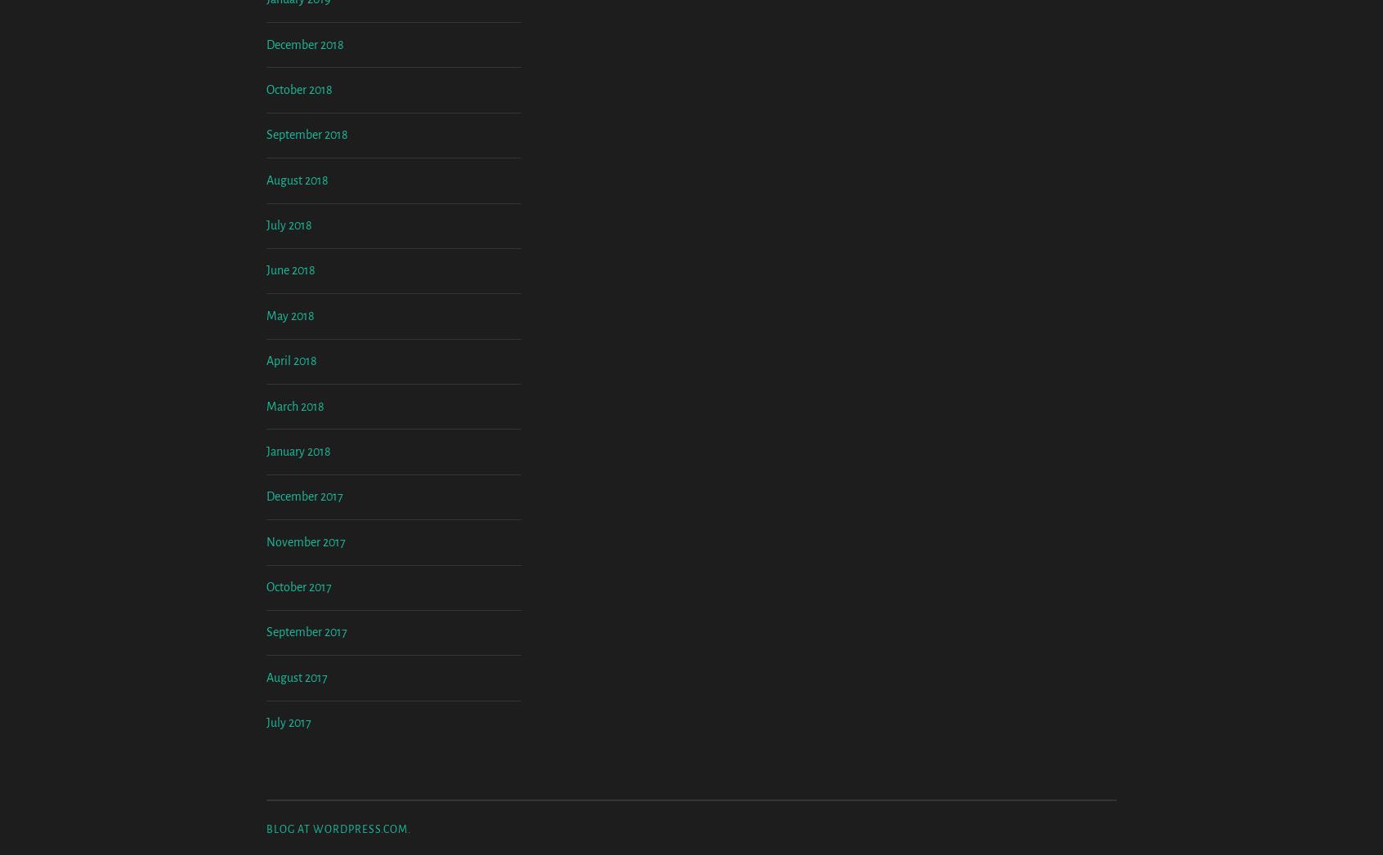 The width and height of the screenshot is (1383, 855). What do you see at coordinates (266, 631) in the screenshot?
I see `'December 2017'` at bounding box center [266, 631].